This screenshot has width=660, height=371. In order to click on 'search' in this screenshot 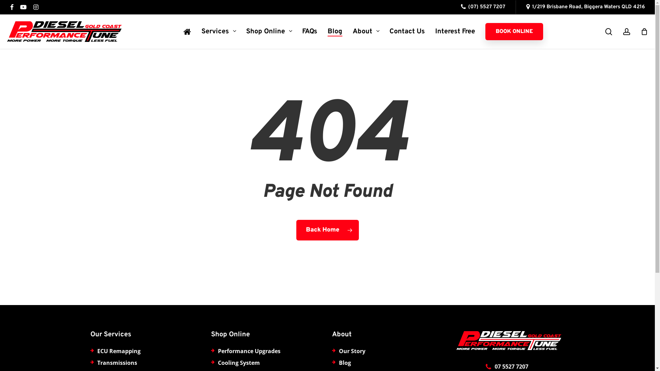, I will do `click(609, 32)`.